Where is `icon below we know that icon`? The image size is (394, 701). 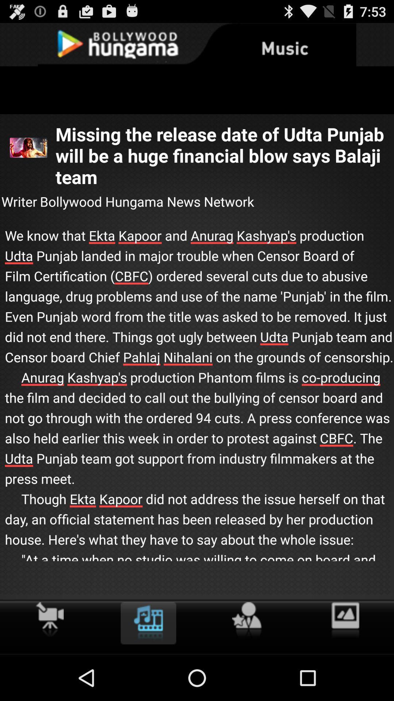
icon below we know that icon is located at coordinates (246, 620).